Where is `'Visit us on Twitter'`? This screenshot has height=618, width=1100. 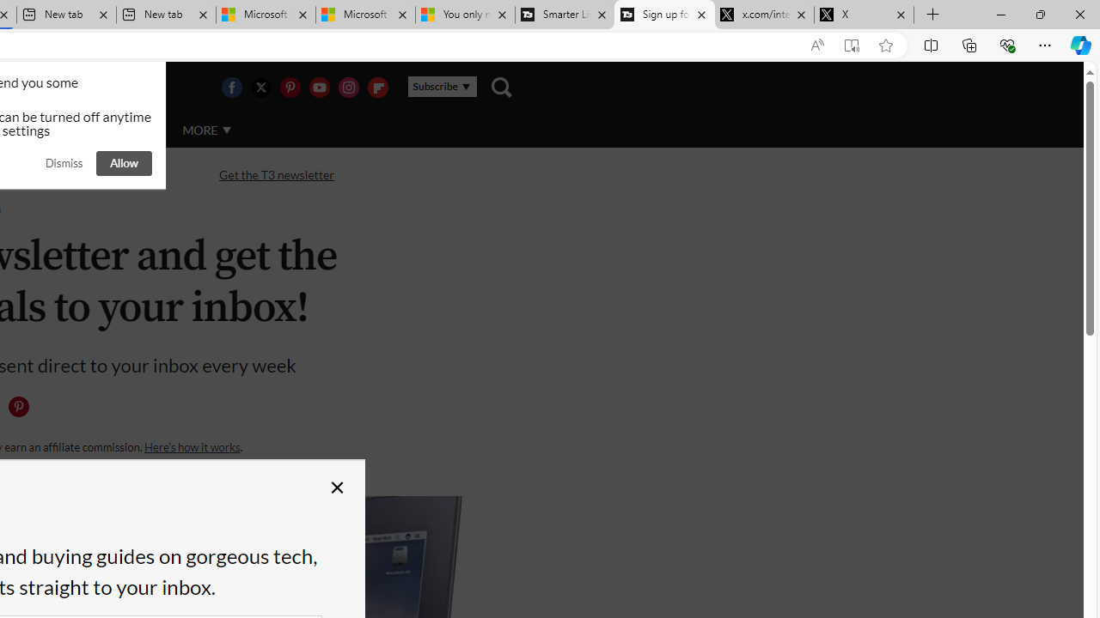
'Visit us on Twitter' is located at coordinates (260, 87).